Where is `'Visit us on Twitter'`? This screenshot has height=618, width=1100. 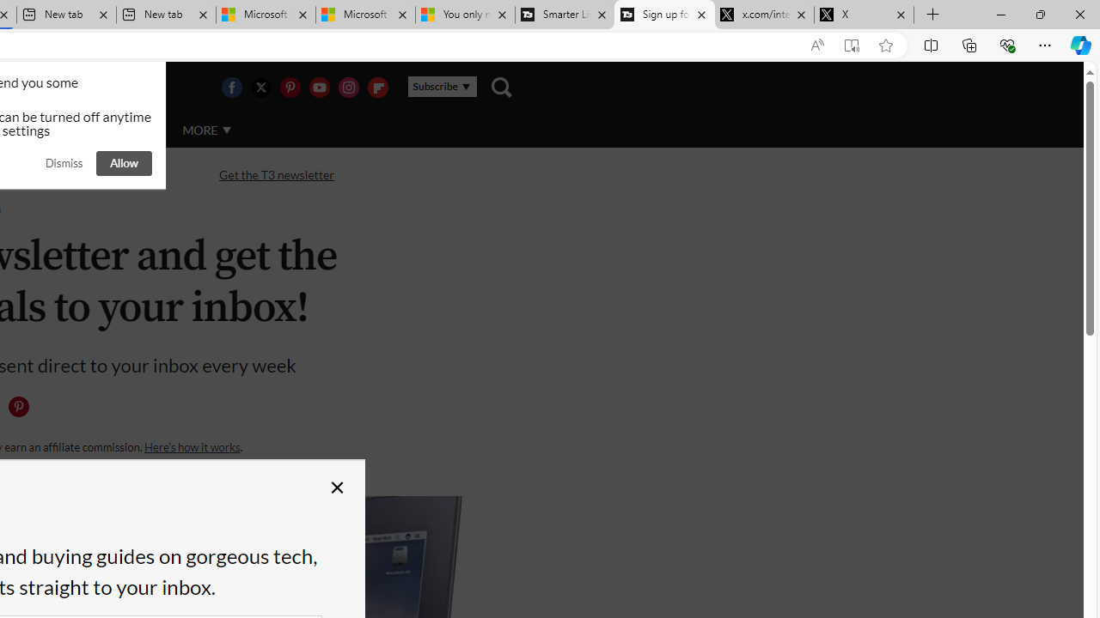
'Visit us on Twitter' is located at coordinates (260, 87).